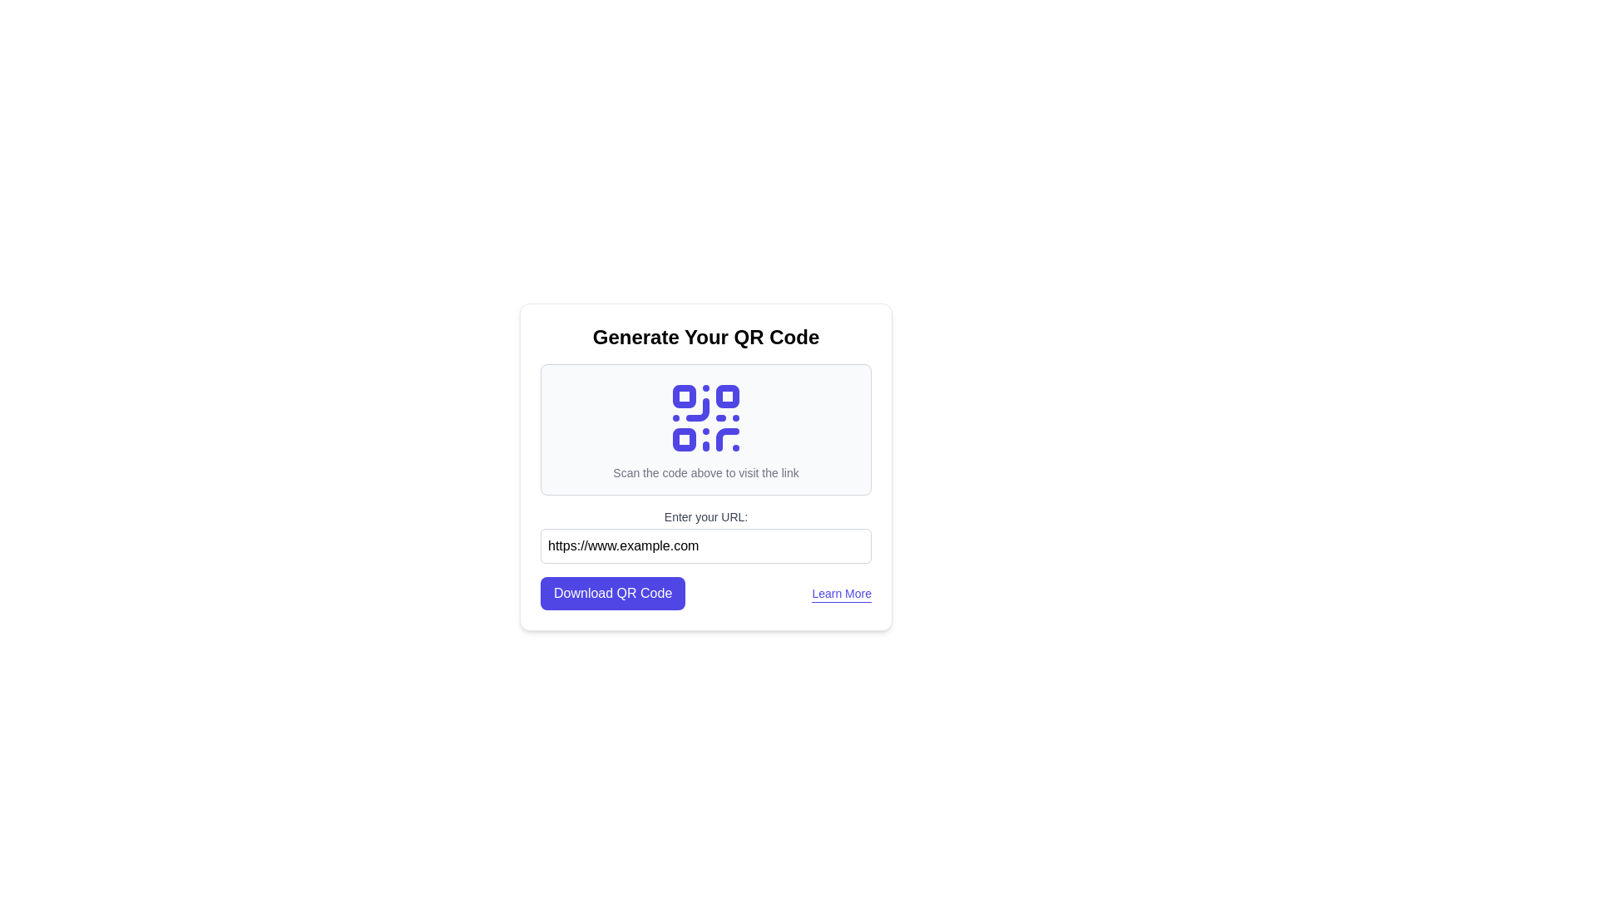 The height and width of the screenshot is (898, 1597). What do you see at coordinates (842, 592) in the screenshot?
I see `the 'Learn More' hyperlink element, which is styled with an indigo color scheme and underlined` at bounding box center [842, 592].